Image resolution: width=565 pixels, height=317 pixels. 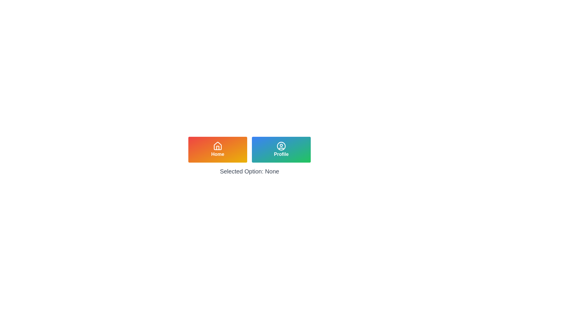 I want to click on the 'Profile' button, so click(x=281, y=149).